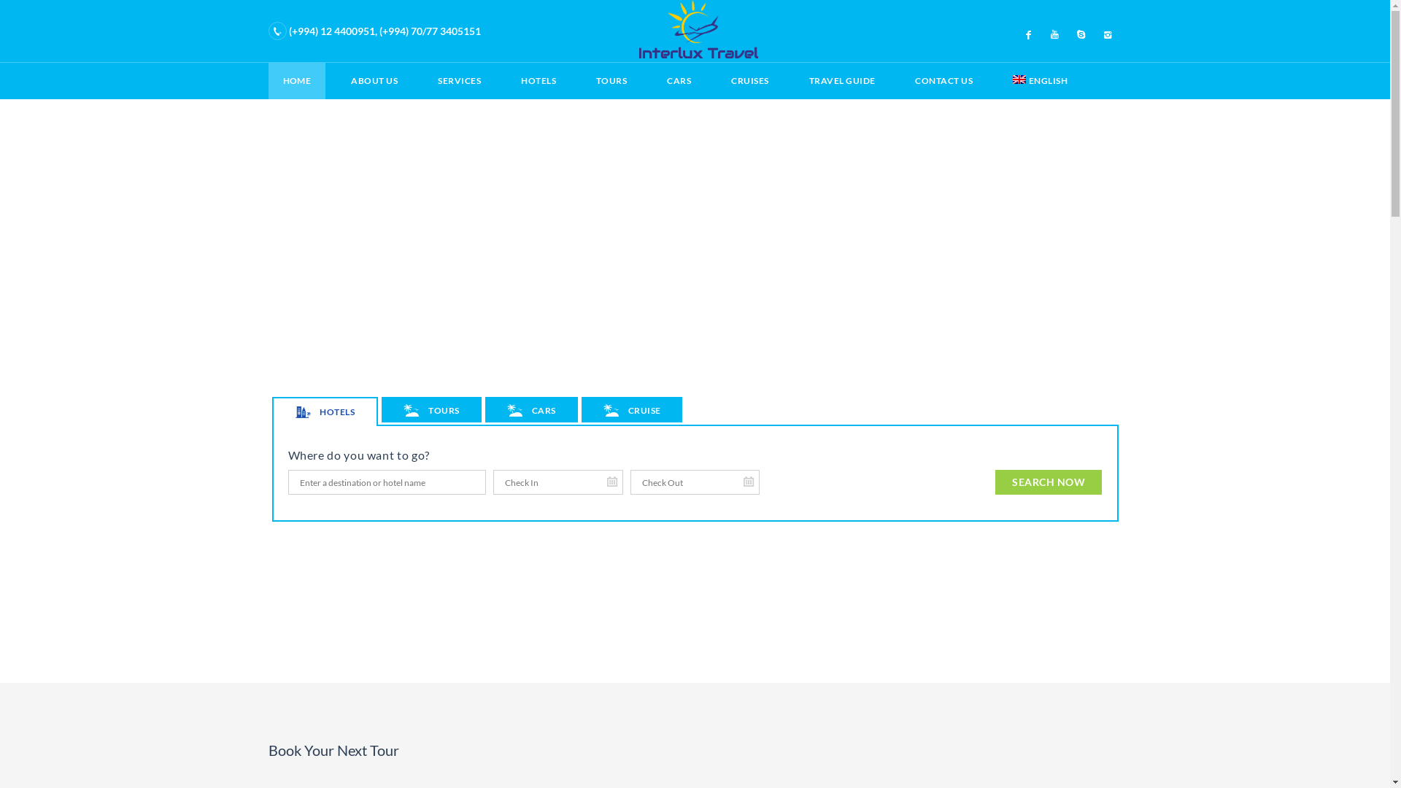  What do you see at coordinates (1028, 33) in the screenshot?
I see `'facebook'` at bounding box center [1028, 33].